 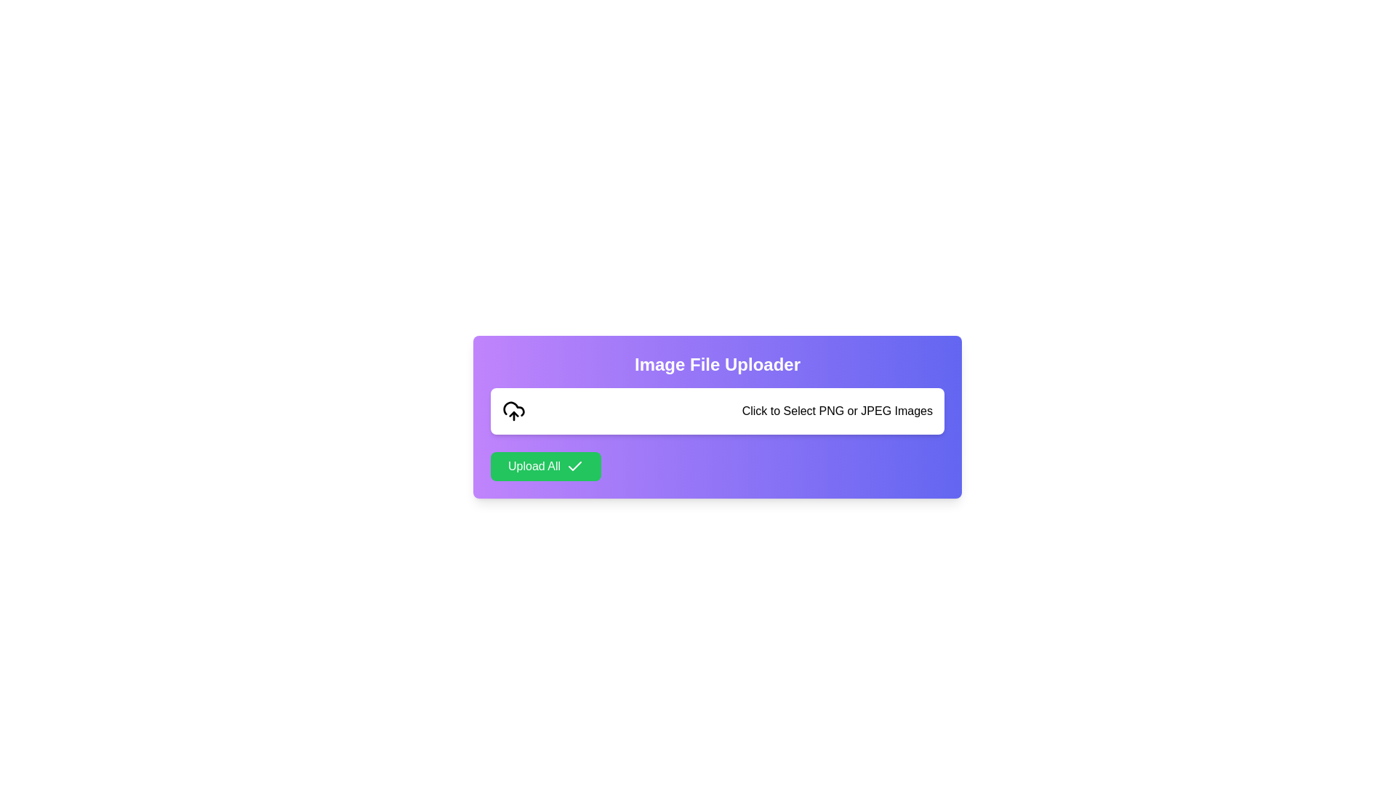 What do you see at coordinates (837, 411) in the screenshot?
I see `the text label reading 'Click to Select PNG or JPEG Images'` at bounding box center [837, 411].